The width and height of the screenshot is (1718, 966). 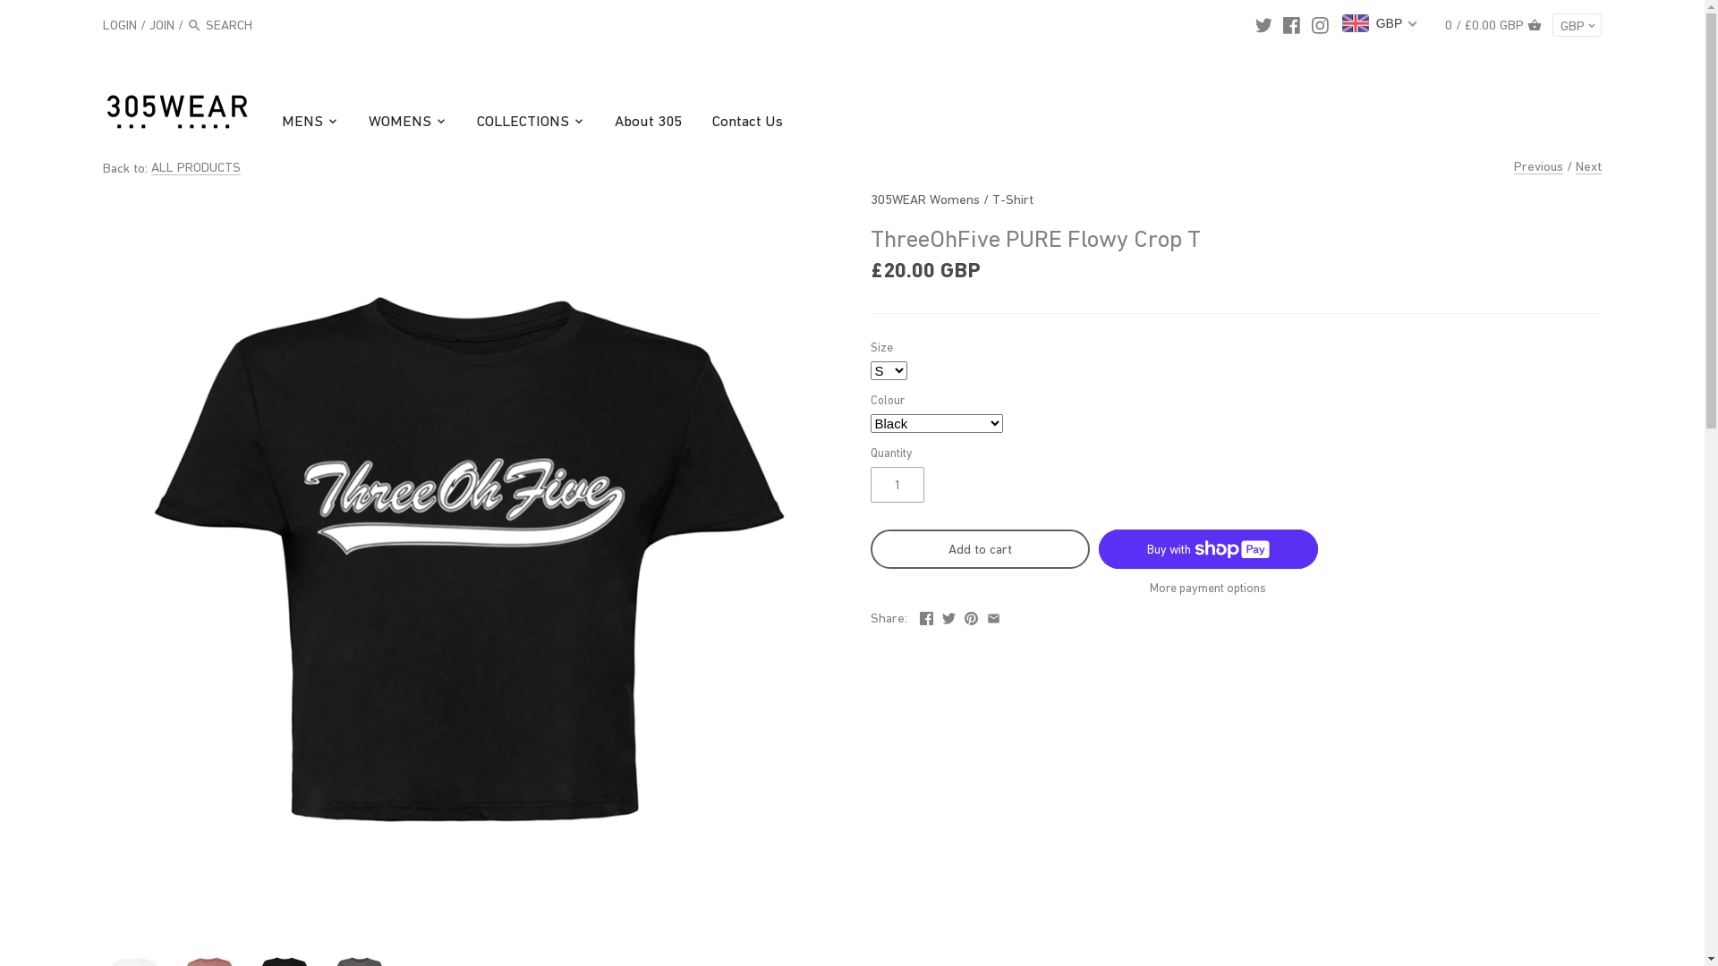 I want to click on 'Add to cart', so click(x=978, y=547).